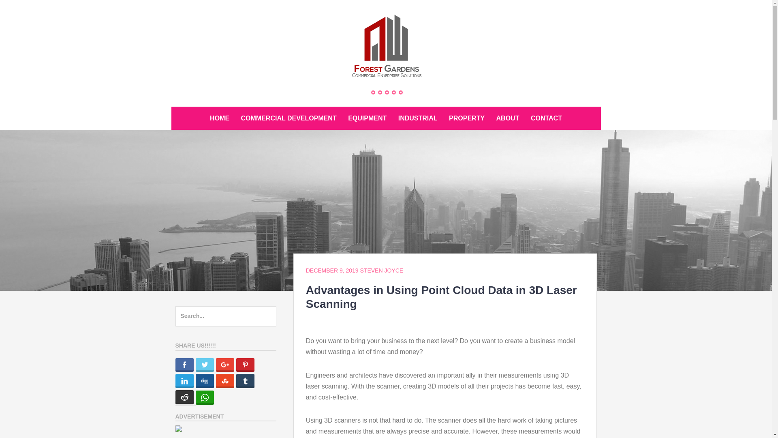 Image resolution: width=778 pixels, height=438 pixels. What do you see at coordinates (394, 92) in the screenshot?
I see `'Privacy Policy'` at bounding box center [394, 92].